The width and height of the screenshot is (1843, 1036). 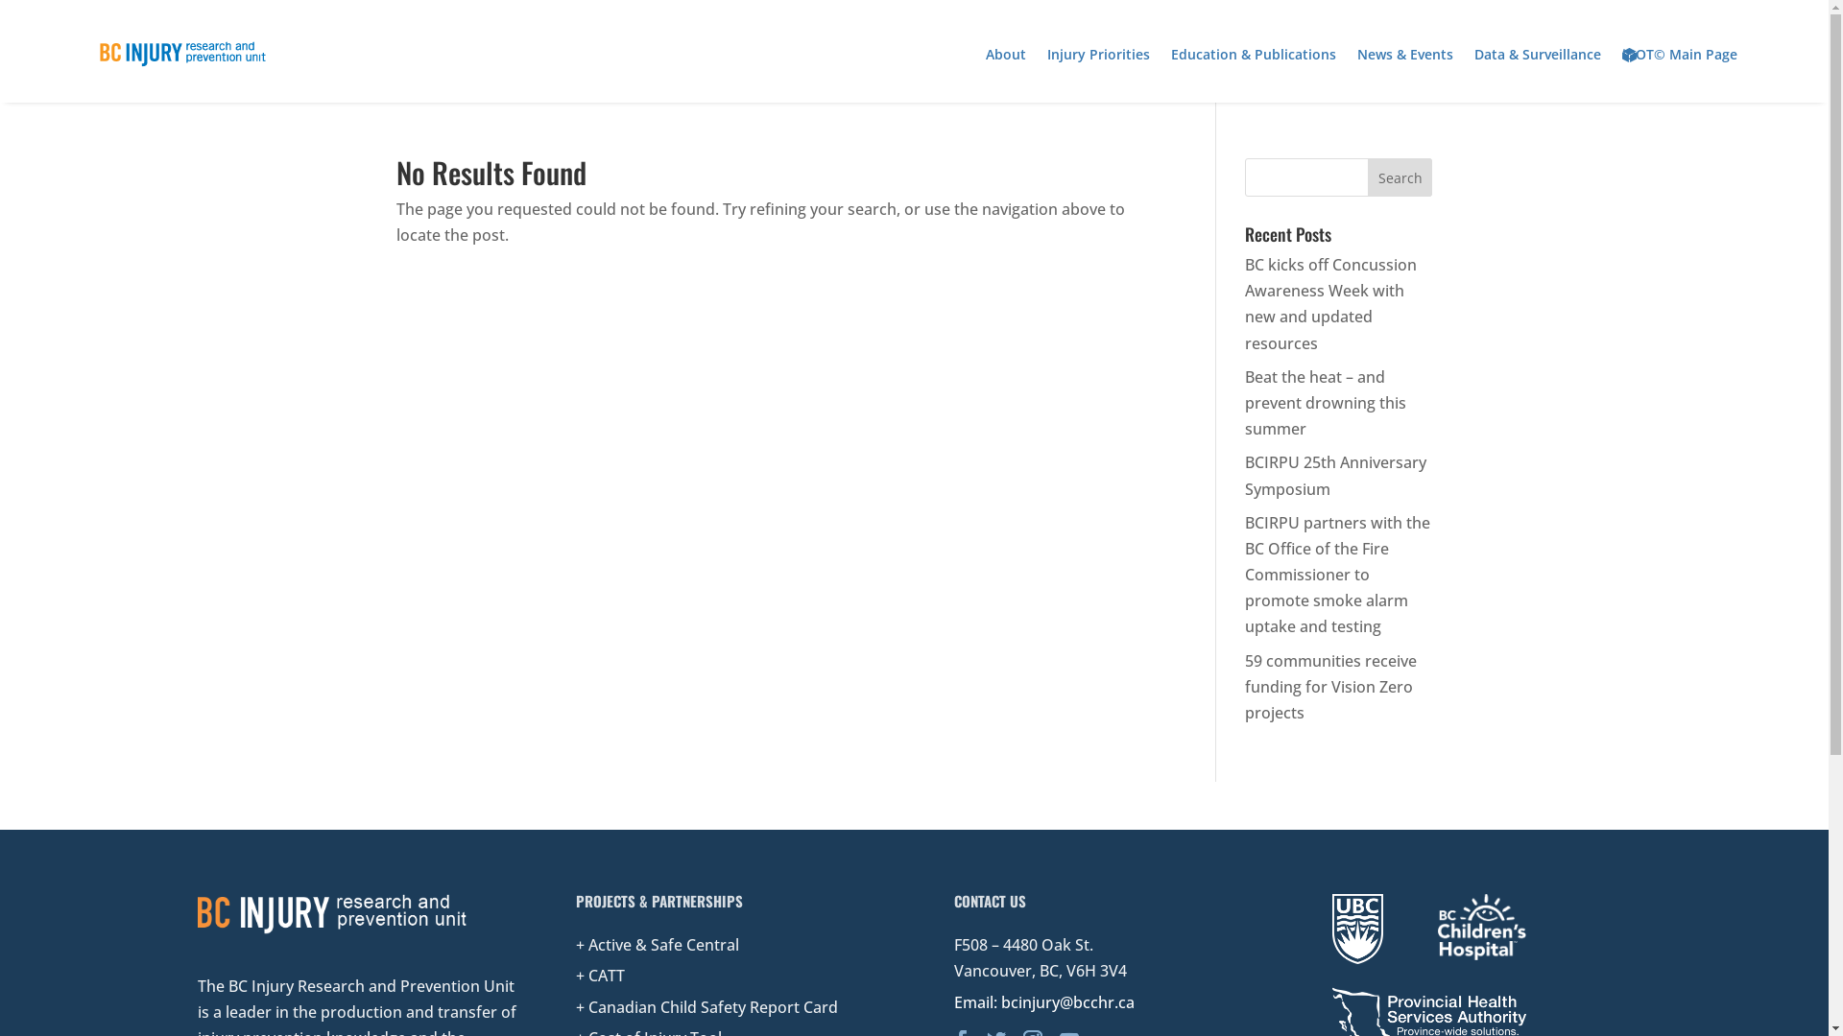 What do you see at coordinates (986, 54) in the screenshot?
I see `'About'` at bounding box center [986, 54].